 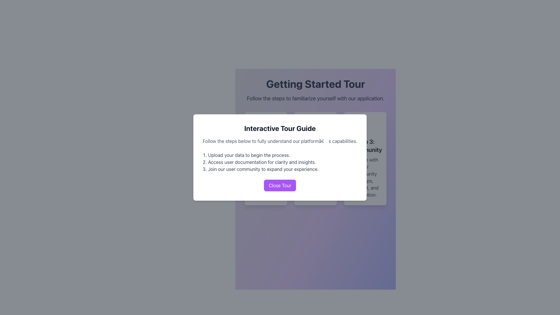 I want to click on the Ordered List element below the 'Interactive Tour Guide' heading, so click(x=280, y=162).